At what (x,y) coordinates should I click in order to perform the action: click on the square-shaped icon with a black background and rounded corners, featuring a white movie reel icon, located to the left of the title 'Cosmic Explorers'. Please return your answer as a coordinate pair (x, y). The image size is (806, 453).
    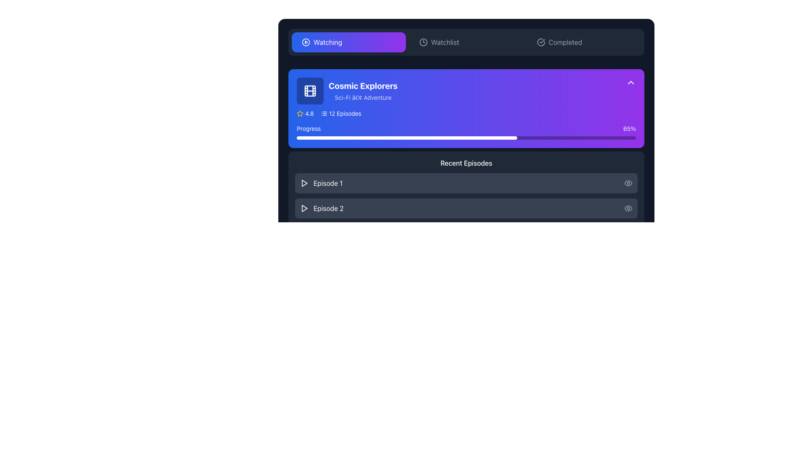
    Looking at the image, I should click on (310, 91).